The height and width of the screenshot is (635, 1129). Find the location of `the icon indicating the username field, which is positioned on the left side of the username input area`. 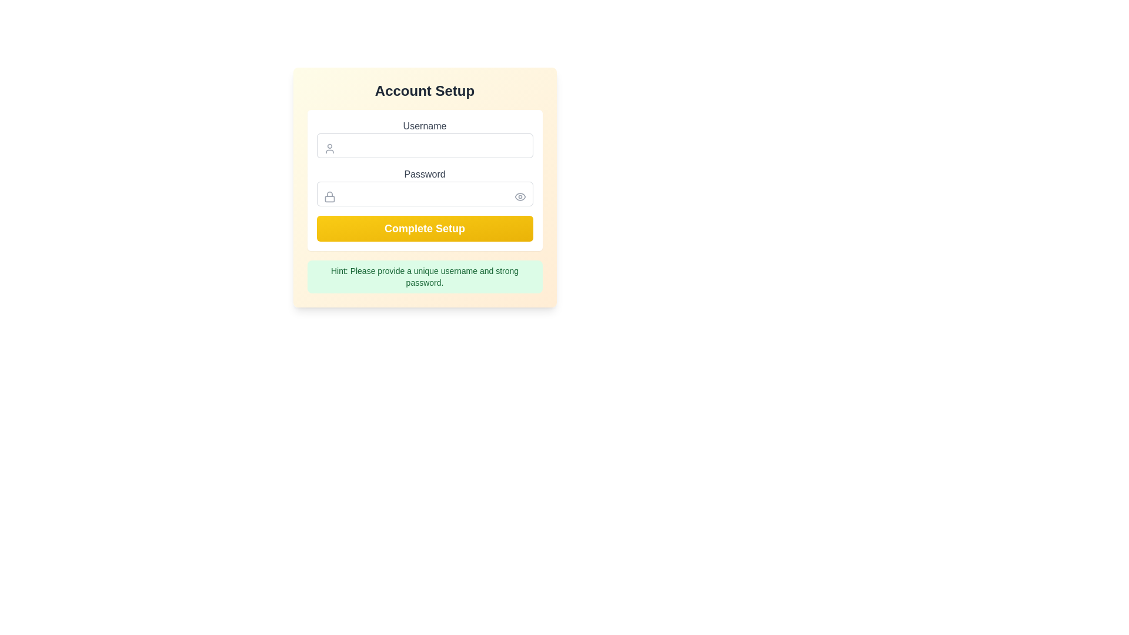

the icon indicating the username field, which is positioned on the left side of the username input area is located at coordinates (329, 148).